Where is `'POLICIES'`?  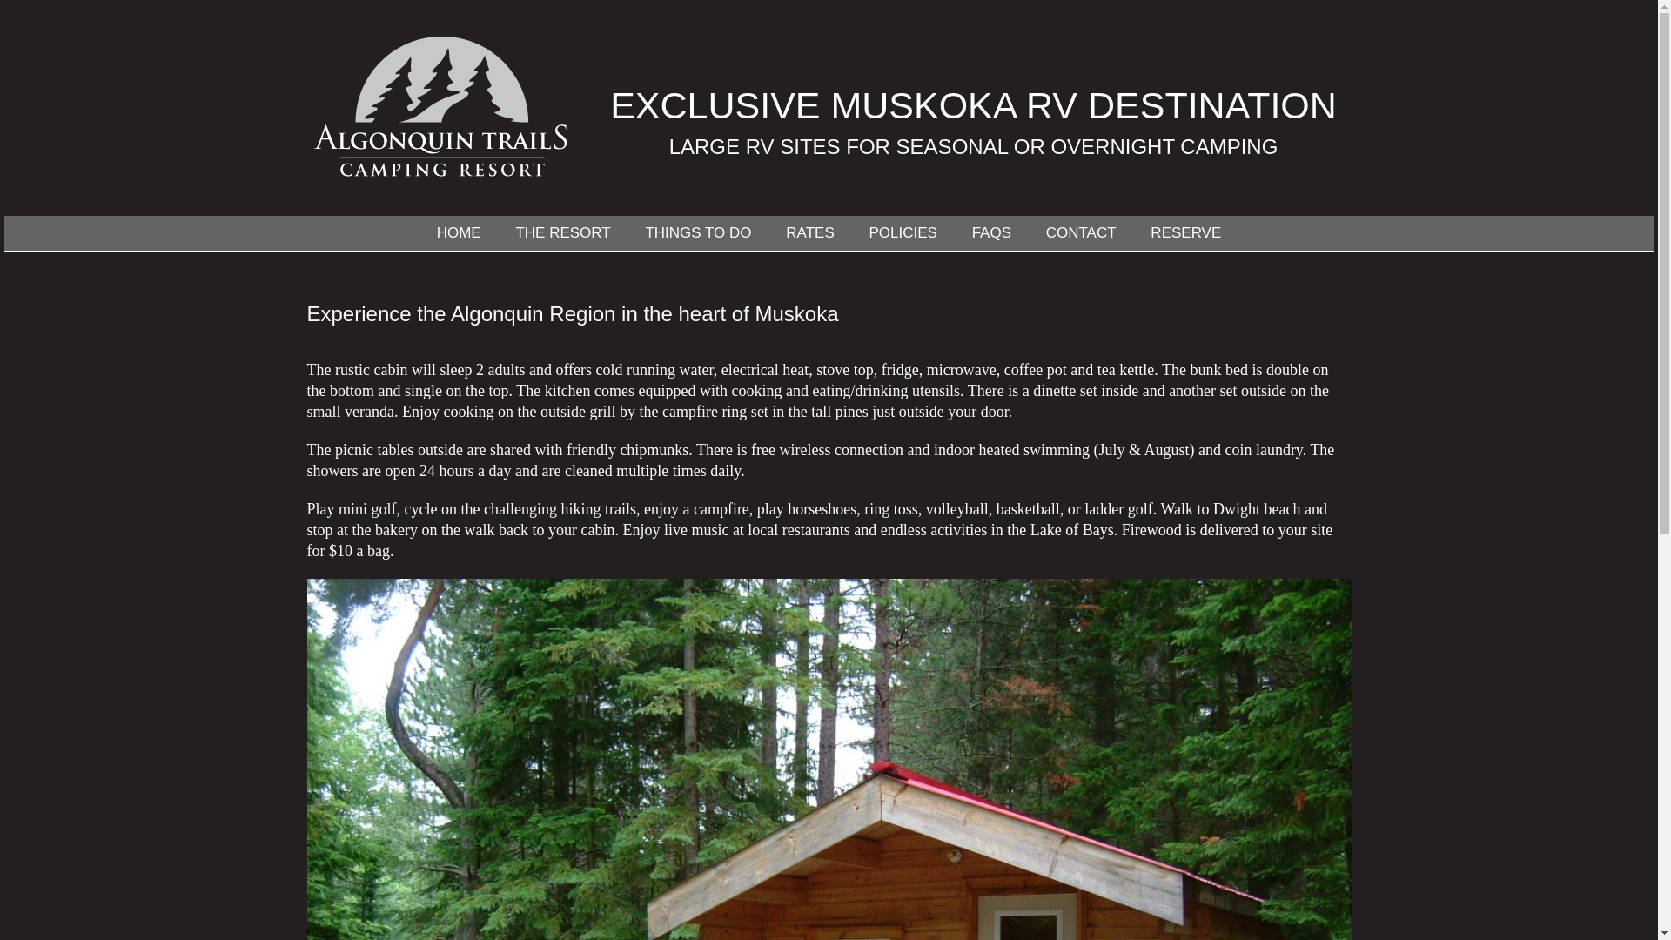 'POLICIES' is located at coordinates (902, 232).